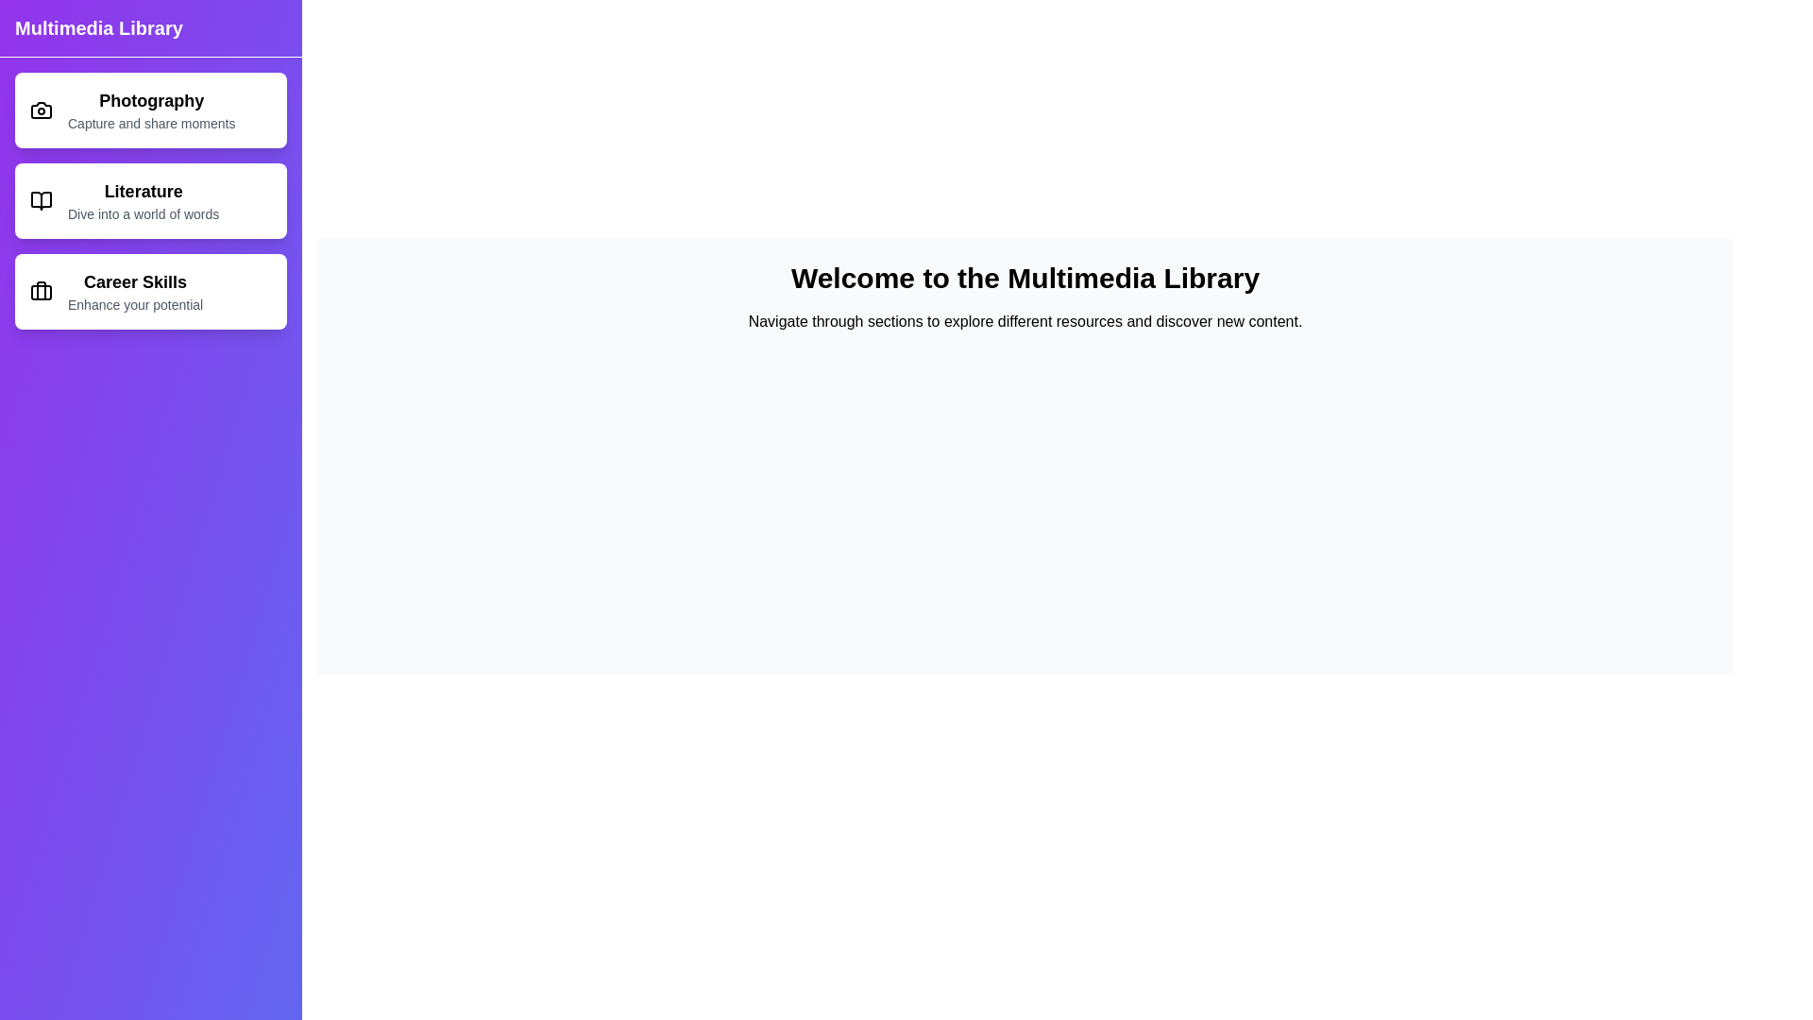 The width and height of the screenshot is (1813, 1020). Describe the element at coordinates (41, 110) in the screenshot. I see `the icon of the Photography section` at that location.